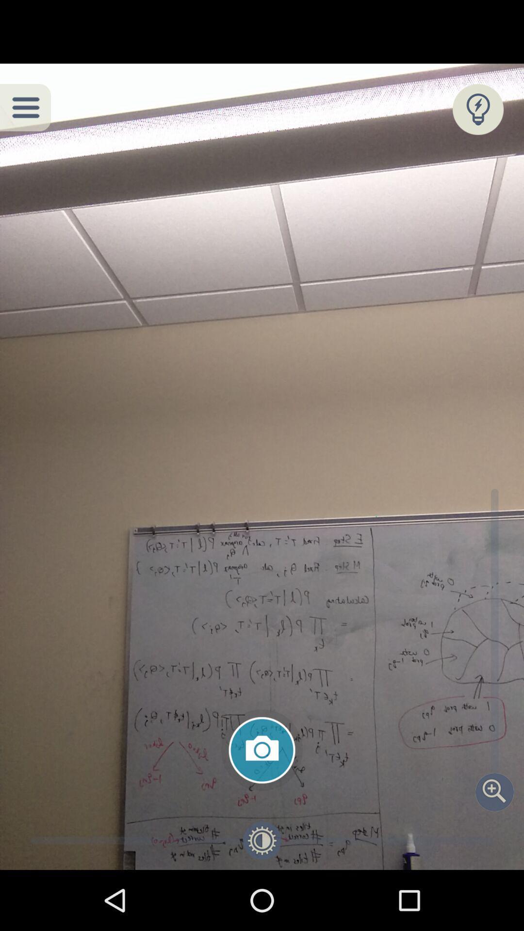  What do you see at coordinates (262, 750) in the screenshot?
I see `take a picture` at bounding box center [262, 750].